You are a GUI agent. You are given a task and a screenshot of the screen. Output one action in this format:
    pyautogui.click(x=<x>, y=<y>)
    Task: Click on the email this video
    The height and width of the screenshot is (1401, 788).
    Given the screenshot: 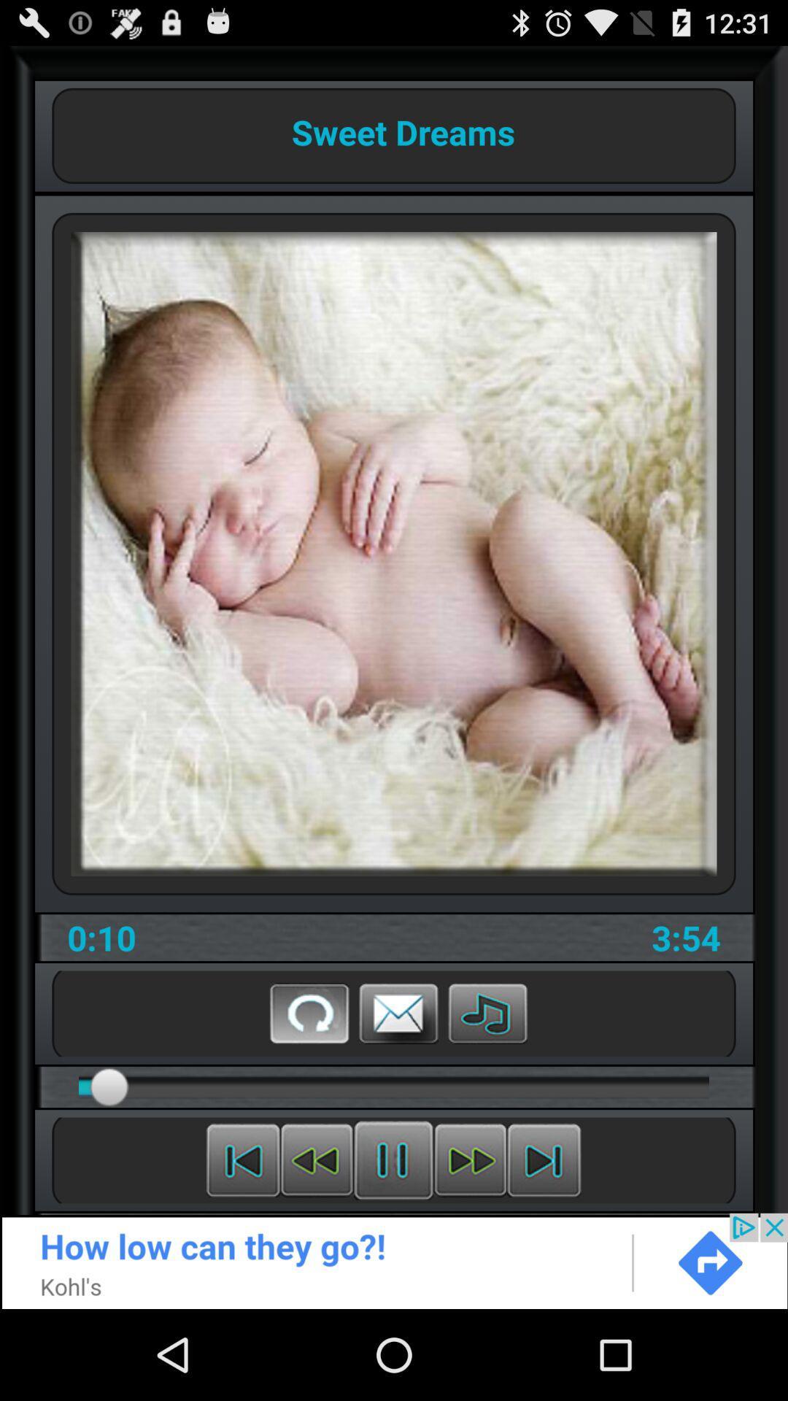 What is the action you would take?
    pyautogui.click(x=398, y=1012)
    